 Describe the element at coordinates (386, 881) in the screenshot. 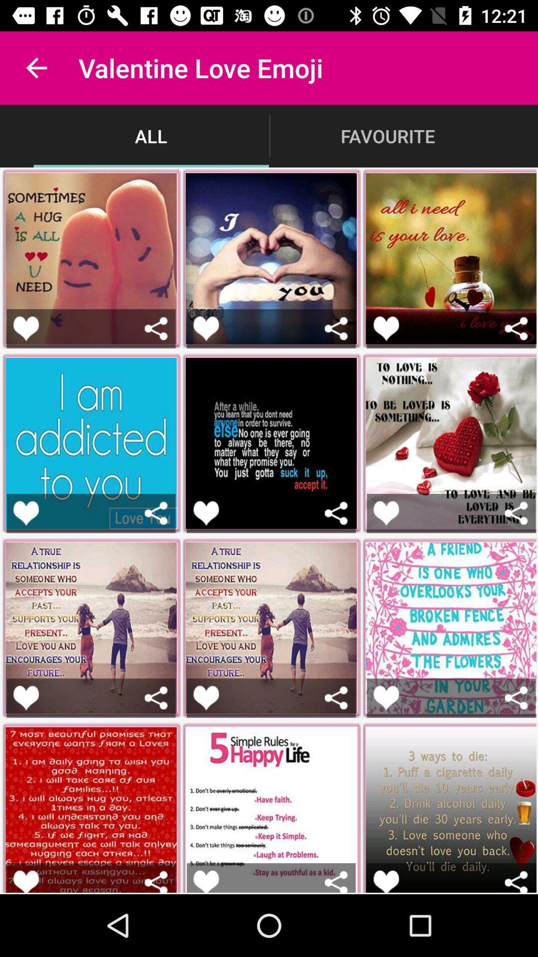

I see `like` at that location.